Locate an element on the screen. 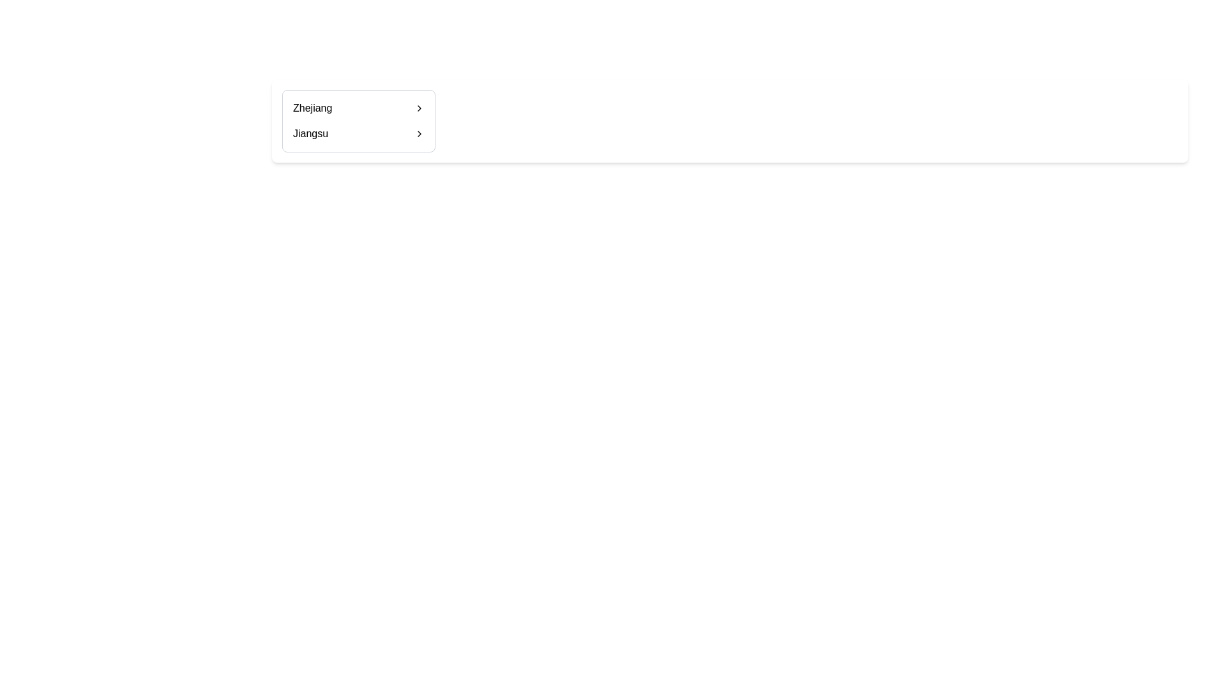 This screenshot has width=1226, height=689. the navigation icon located to the right of the 'Jiangsu' text label in the dropdown list is located at coordinates (420, 133).